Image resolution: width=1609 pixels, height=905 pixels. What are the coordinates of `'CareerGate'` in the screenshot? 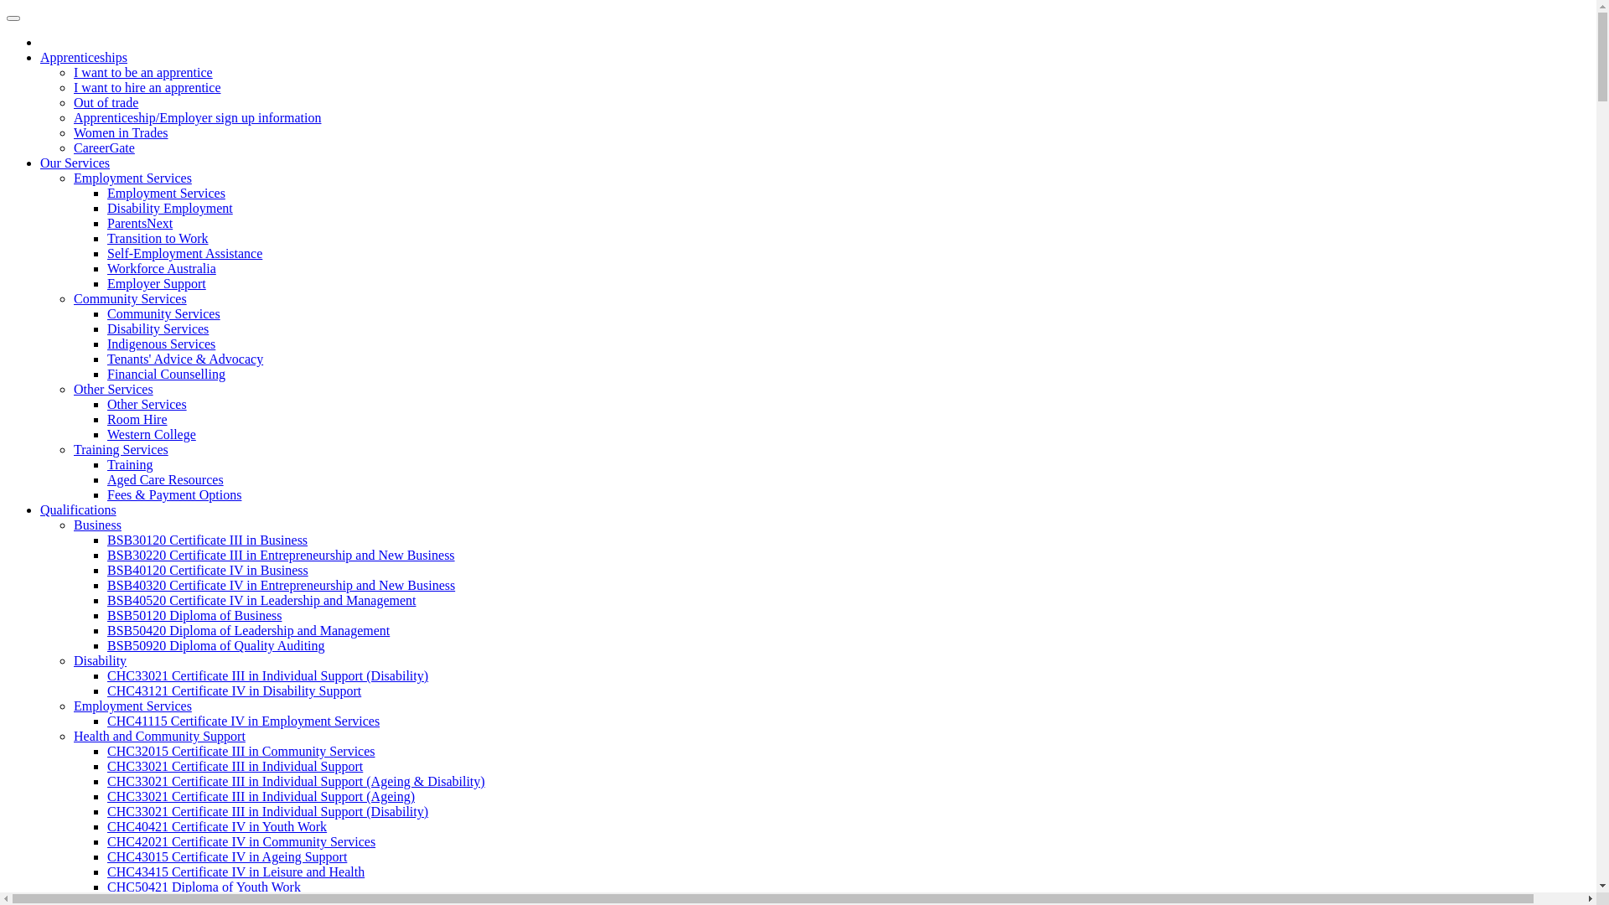 It's located at (103, 147).